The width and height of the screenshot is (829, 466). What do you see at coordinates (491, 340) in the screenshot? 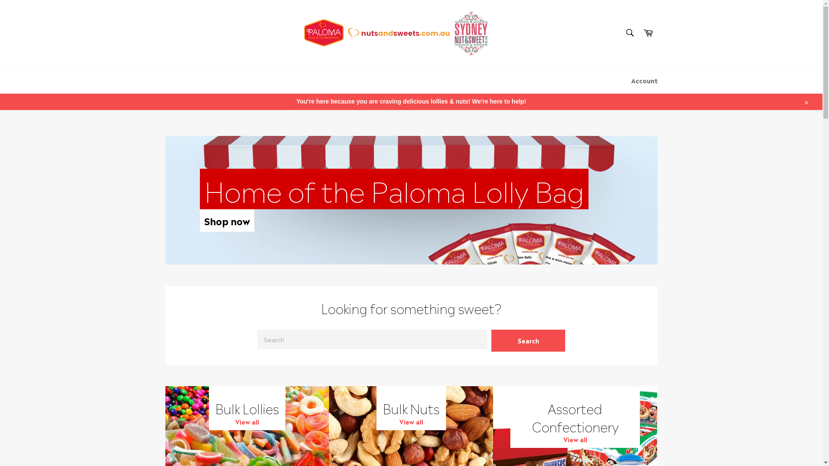
I see `'Search'` at bounding box center [491, 340].